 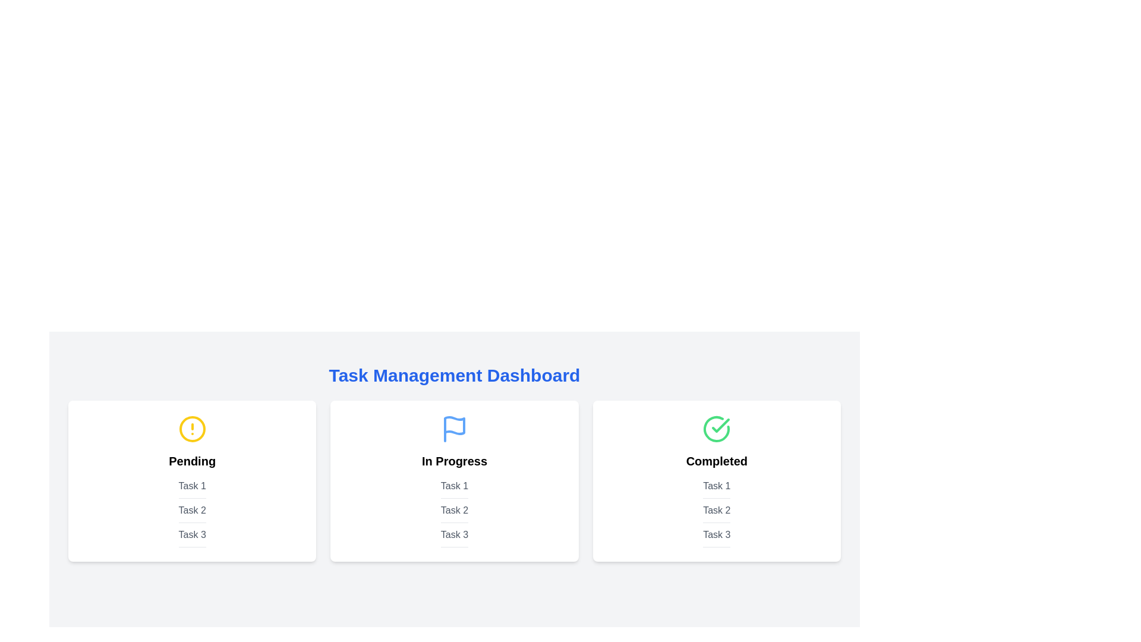 What do you see at coordinates (720, 425) in the screenshot?
I see `the green checkmark icon located inside the circular green icon on the rightmost card labeled 'Completed' in a row of three cards` at bounding box center [720, 425].